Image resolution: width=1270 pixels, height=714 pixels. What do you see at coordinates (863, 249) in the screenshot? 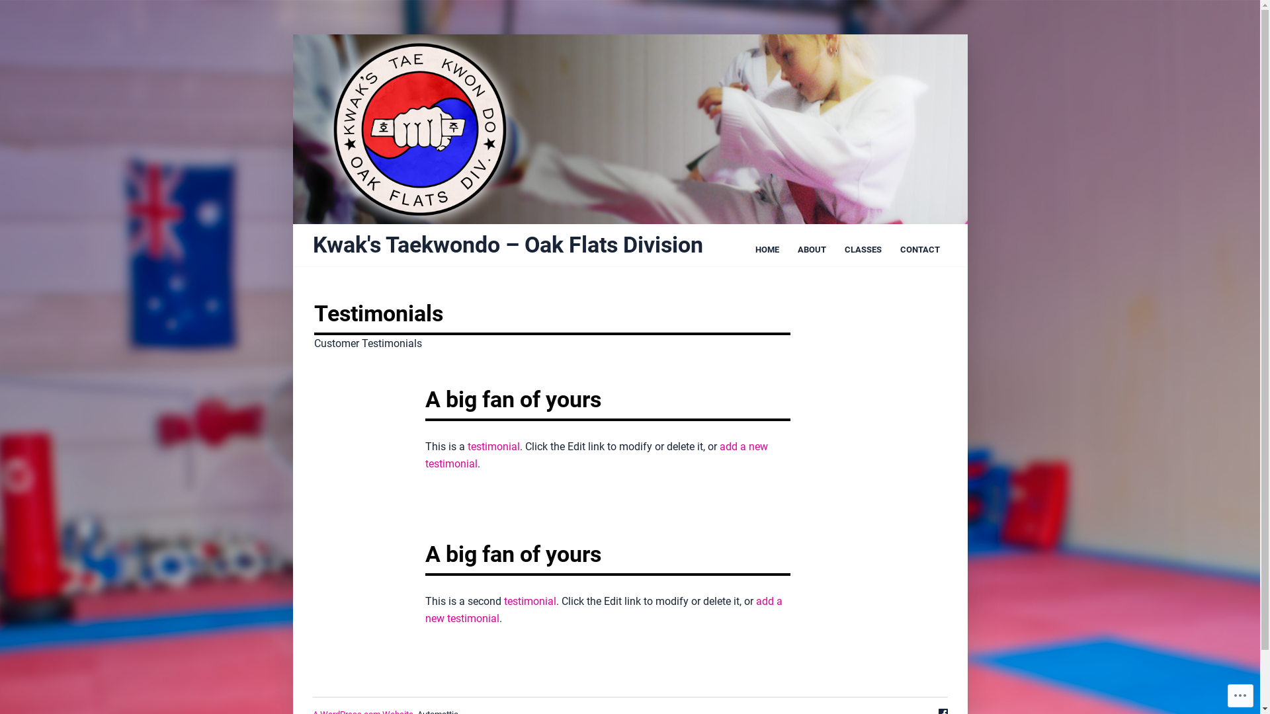
I see `'CLASSES'` at bounding box center [863, 249].